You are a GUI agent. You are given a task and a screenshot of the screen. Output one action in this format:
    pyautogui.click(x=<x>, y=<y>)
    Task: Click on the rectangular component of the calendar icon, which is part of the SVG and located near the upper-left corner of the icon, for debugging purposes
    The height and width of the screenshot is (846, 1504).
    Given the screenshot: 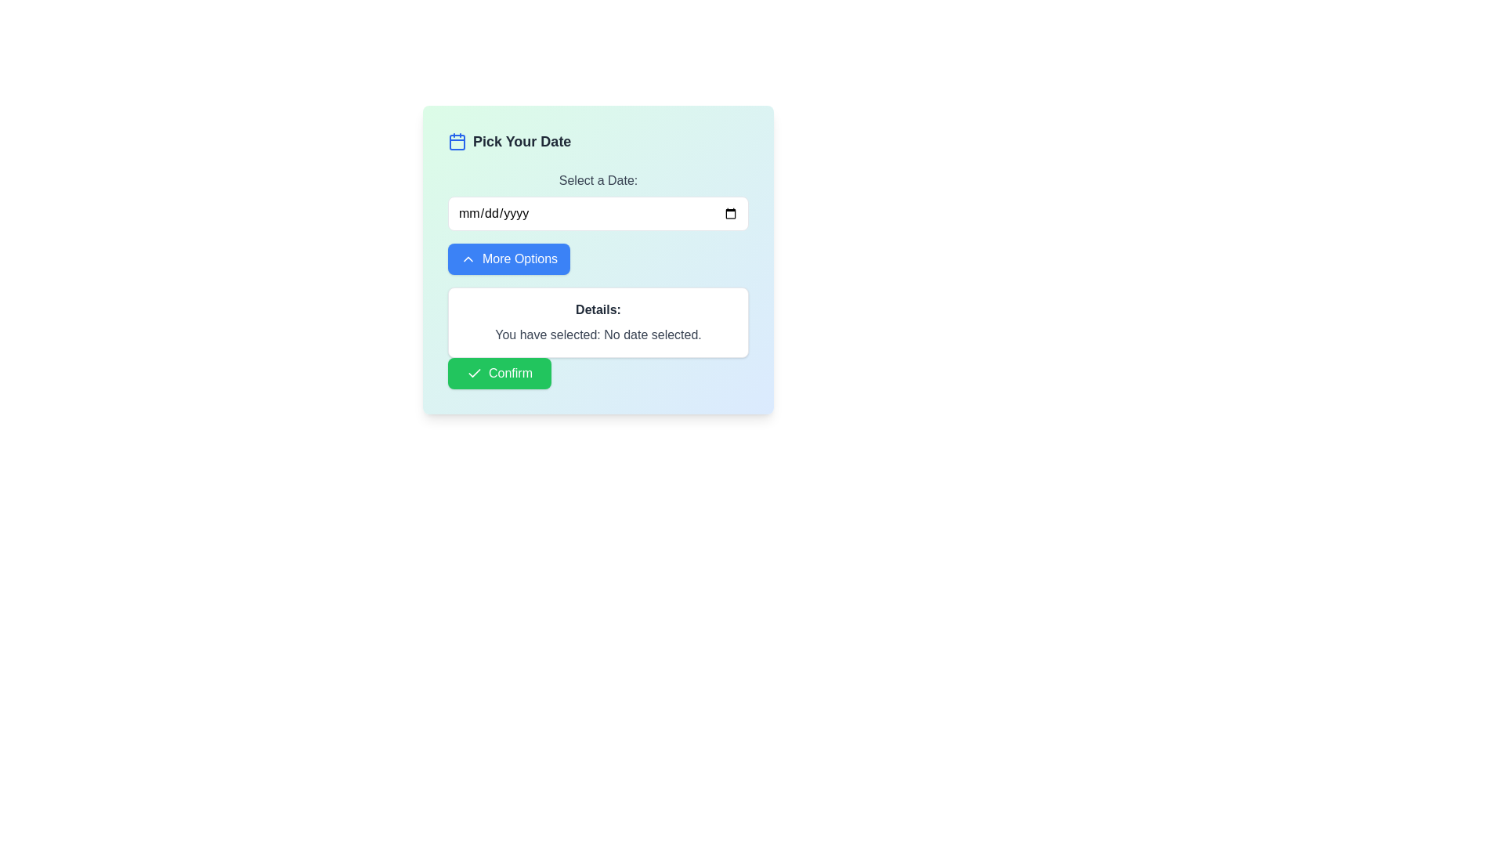 What is the action you would take?
    pyautogui.click(x=457, y=142)
    